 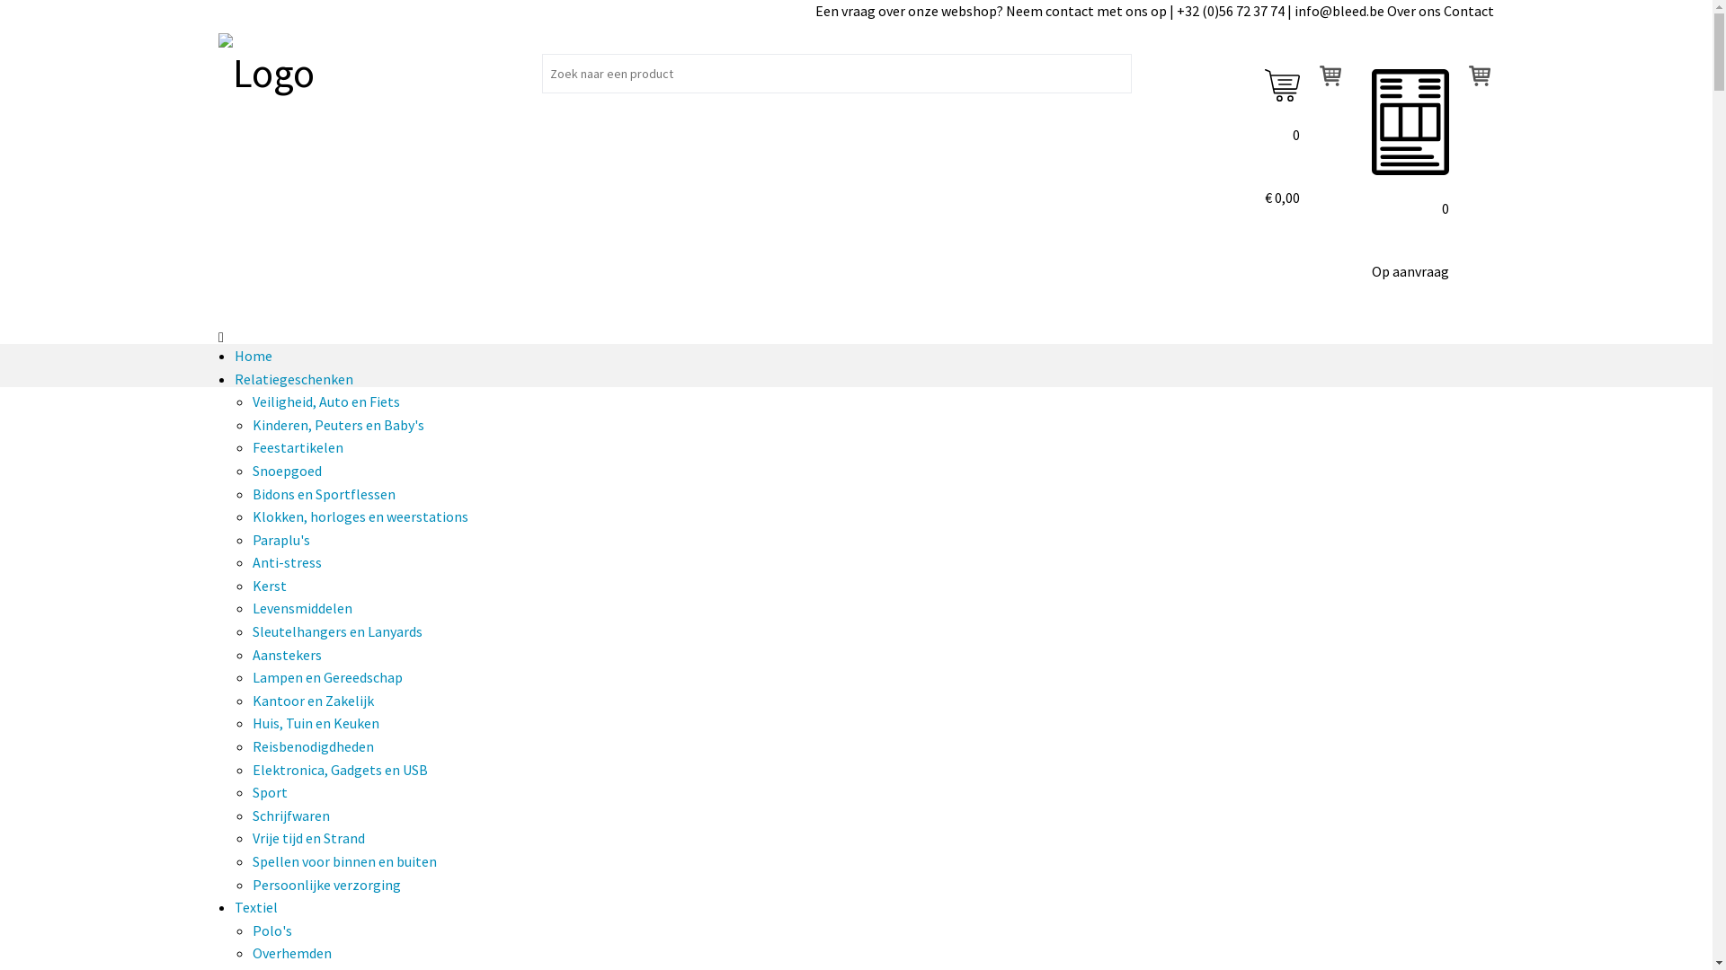 What do you see at coordinates (326, 401) in the screenshot?
I see `'Veiligheid, Auto en Fiets'` at bounding box center [326, 401].